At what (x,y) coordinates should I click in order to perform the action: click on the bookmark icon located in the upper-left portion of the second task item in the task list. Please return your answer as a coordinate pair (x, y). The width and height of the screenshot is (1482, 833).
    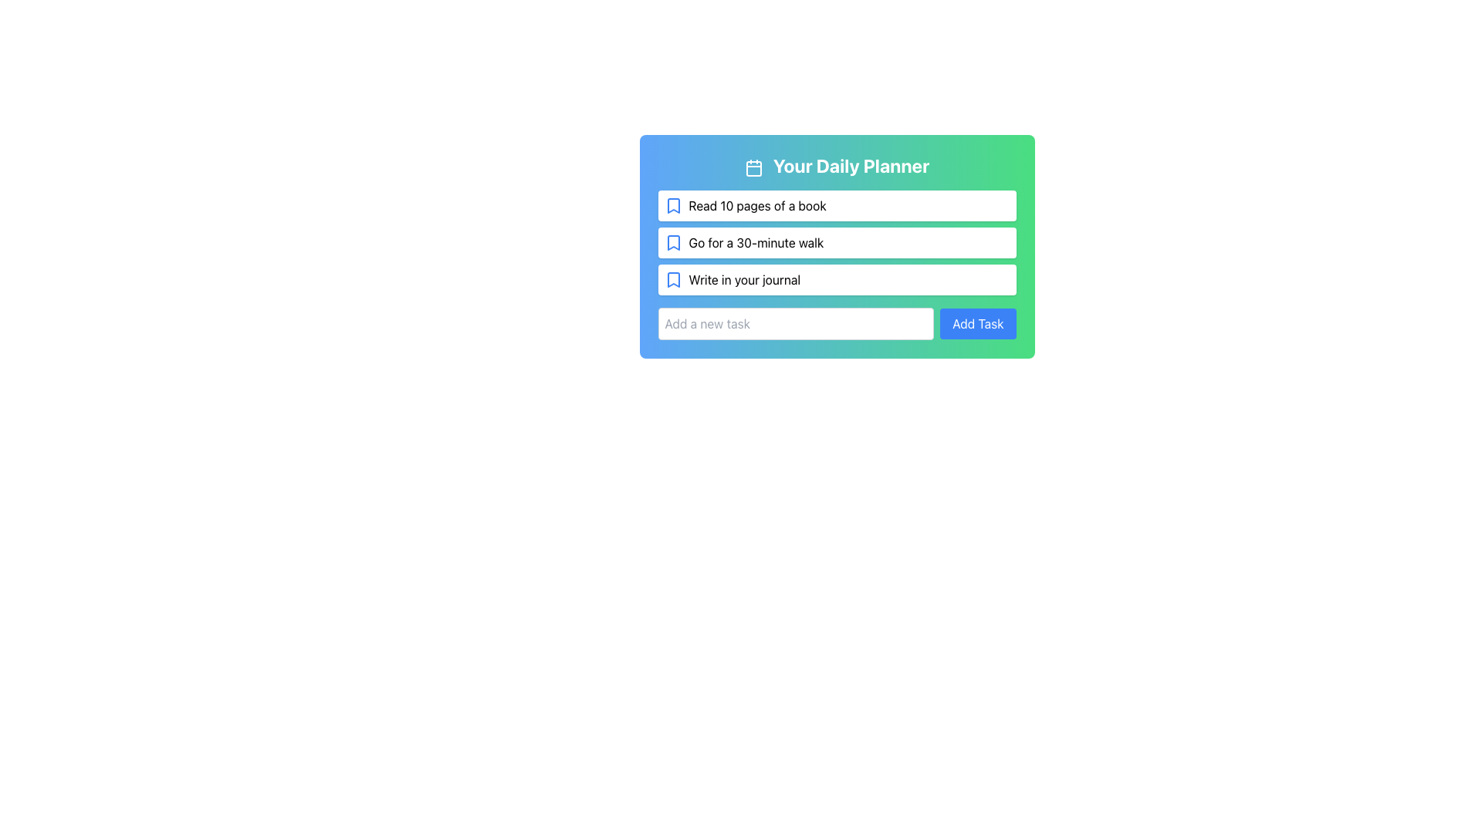
    Looking at the image, I should click on (673, 243).